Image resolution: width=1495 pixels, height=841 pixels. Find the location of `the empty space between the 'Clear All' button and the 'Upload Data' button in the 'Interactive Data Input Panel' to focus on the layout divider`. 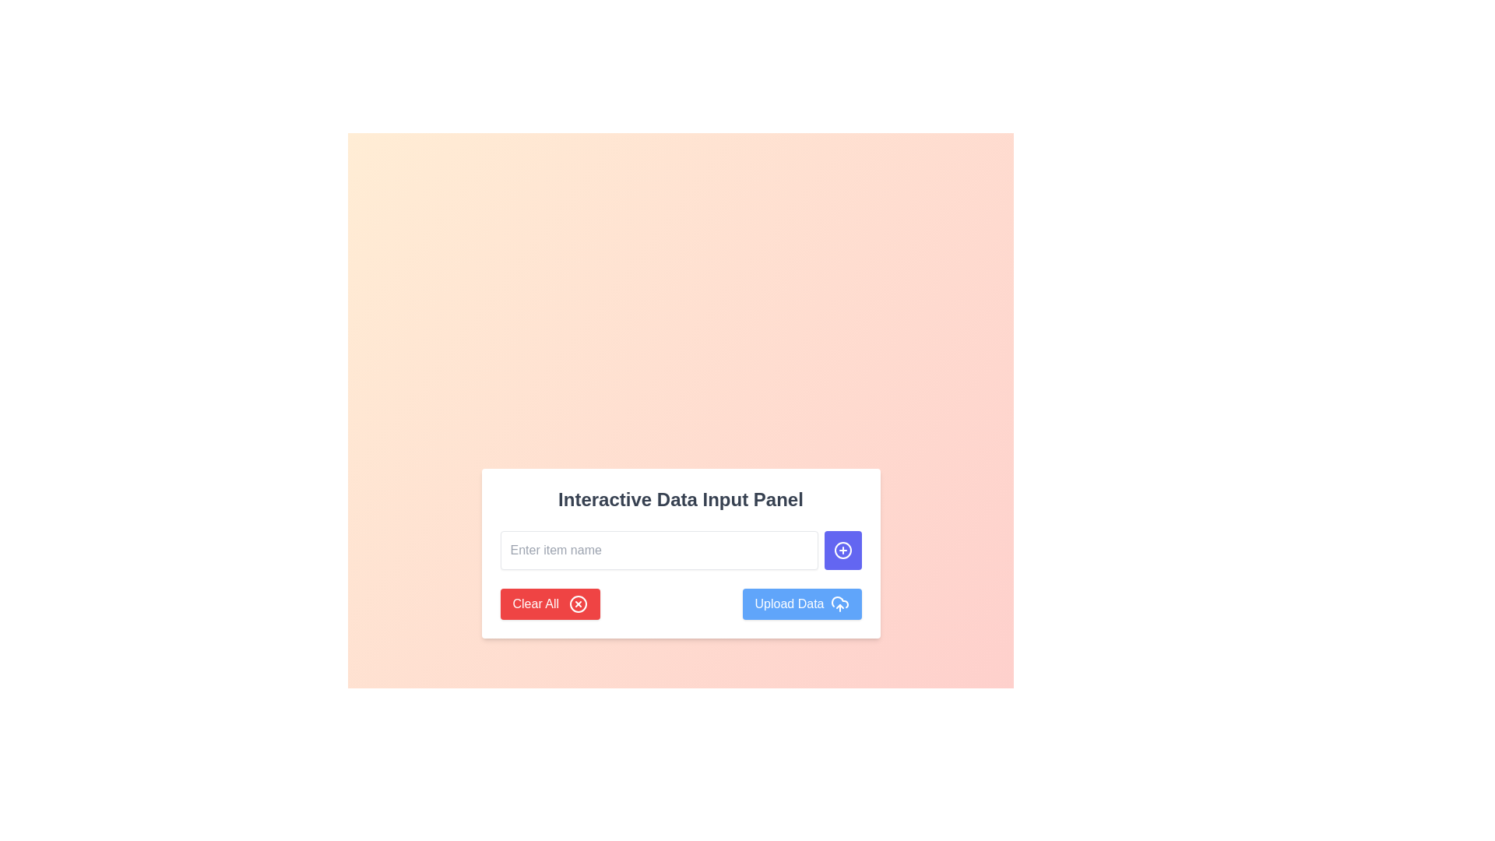

the empty space between the 'Clear All' button and the 'Upload Data' button in the 'Interactive Data Input Panel' to focus on the layout divider is located at coordinates (681, 603).